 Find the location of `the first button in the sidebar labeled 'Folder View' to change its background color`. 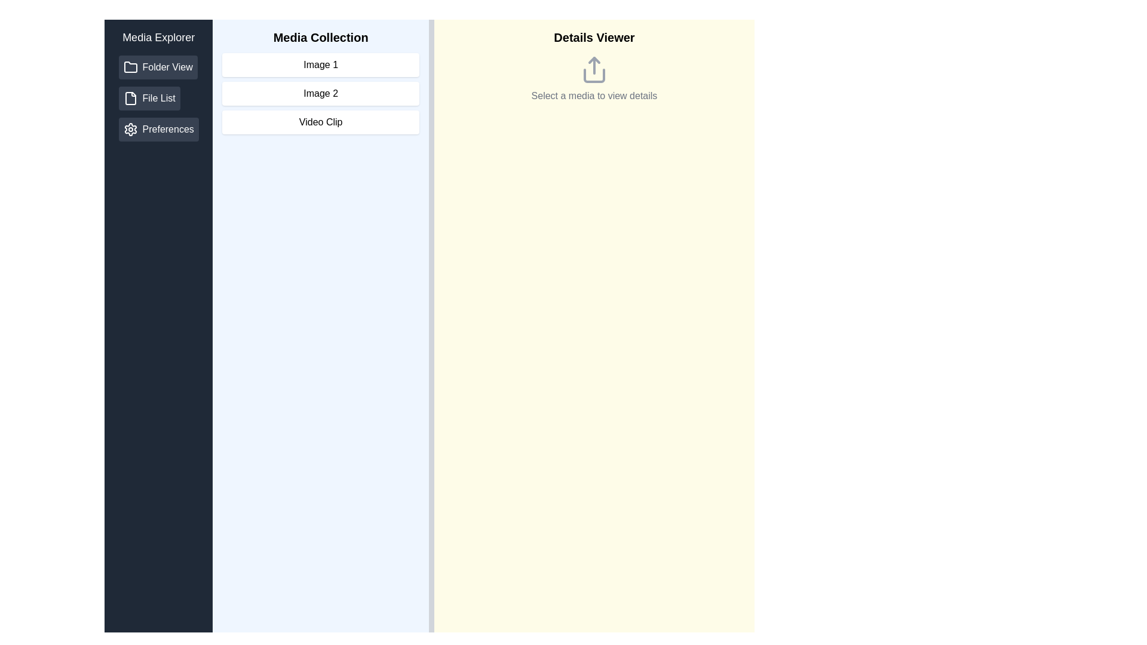

the first button in the sidebar labeled 'Folder View' to change its background color is located at coordinates (157, 67).